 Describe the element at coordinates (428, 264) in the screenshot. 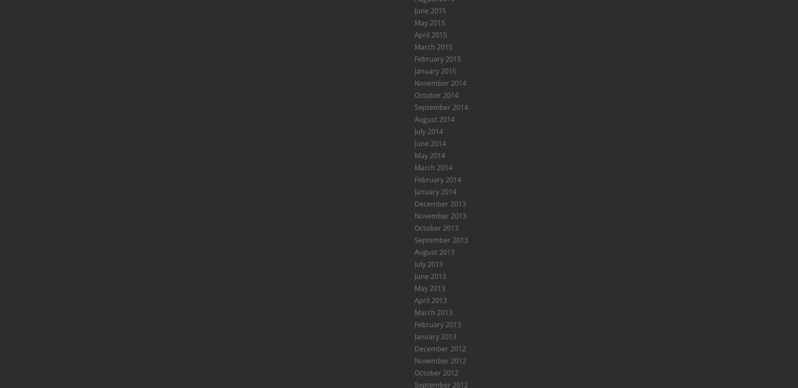

I see `'July 2013'` at that location.